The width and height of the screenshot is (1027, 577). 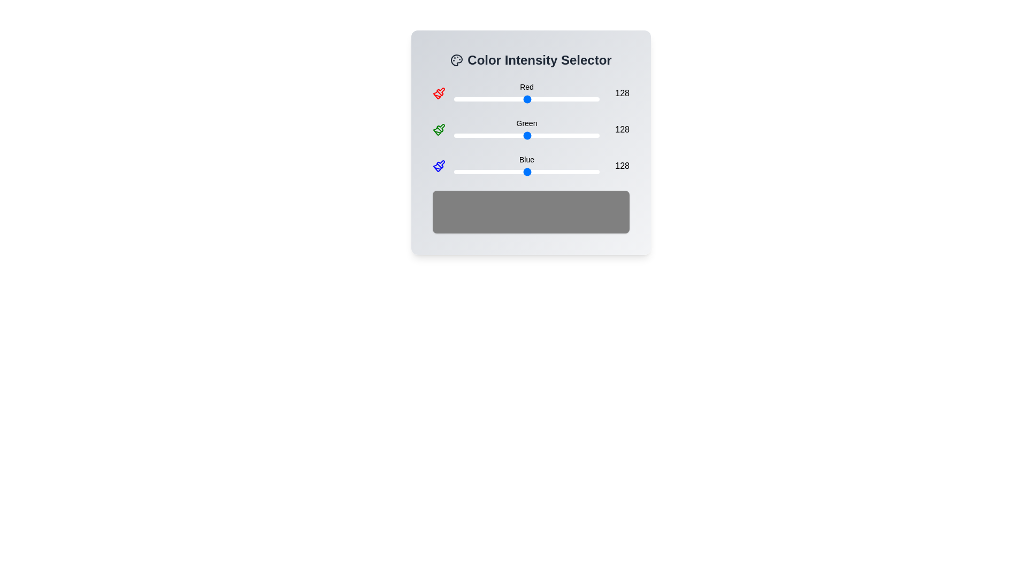 I want to click on green intensity, so click(x=527, y=135).